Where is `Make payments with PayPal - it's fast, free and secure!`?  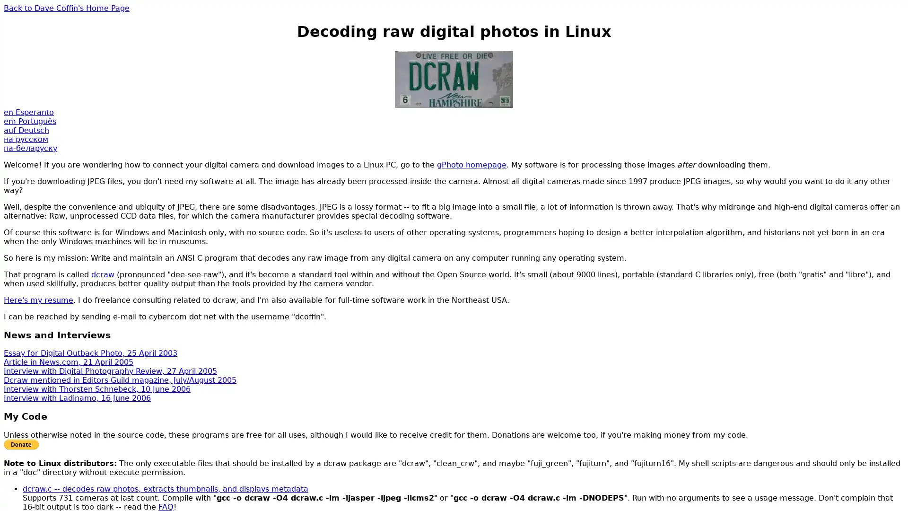
Make payments with PayPal - it's fast, free and secure! is located at coordinates (21, 444).